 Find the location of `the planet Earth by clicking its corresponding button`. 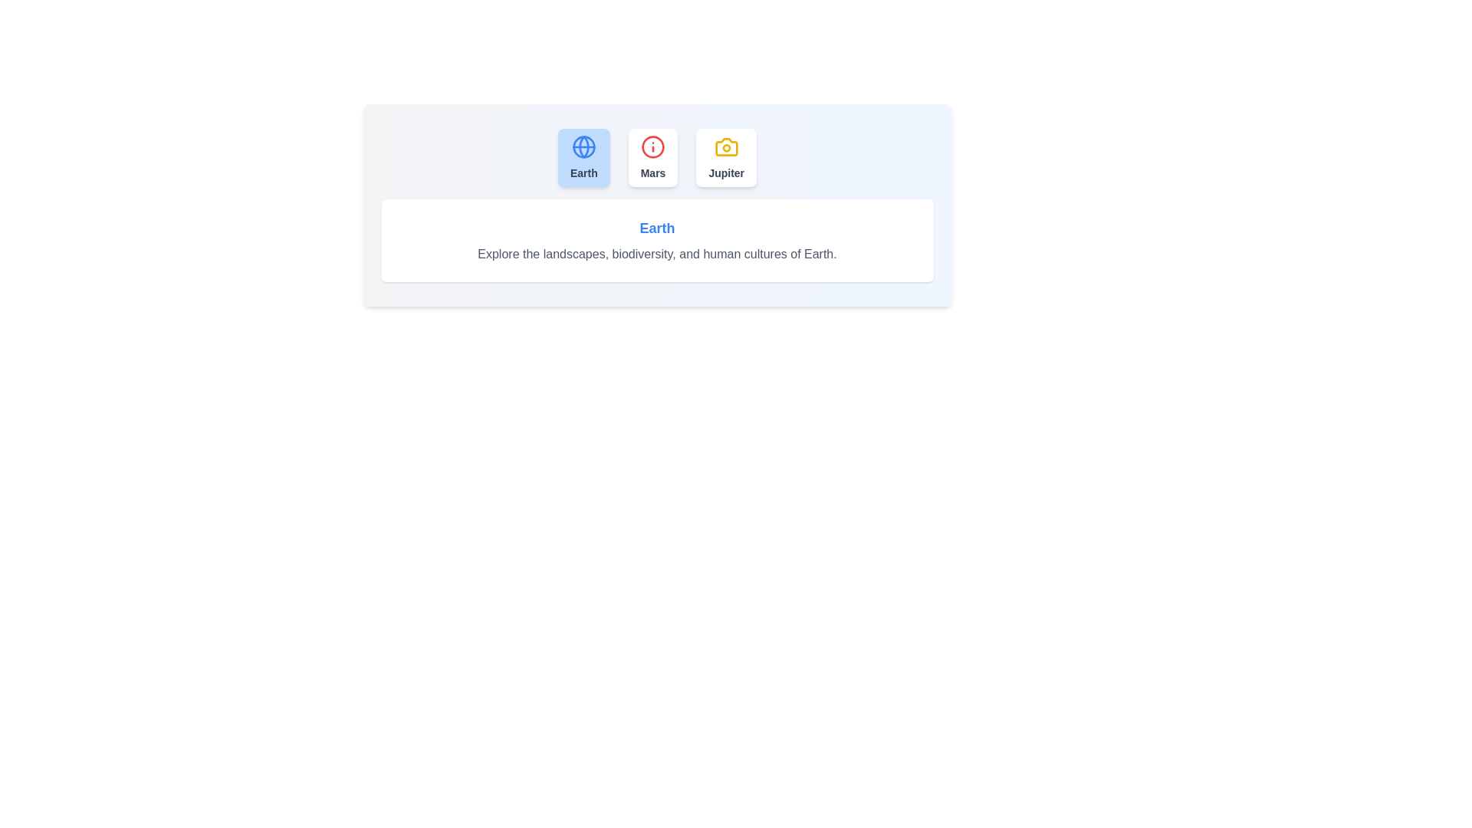

the planet Earth by clicking its corresponding button is located at coordinates (583, 157).